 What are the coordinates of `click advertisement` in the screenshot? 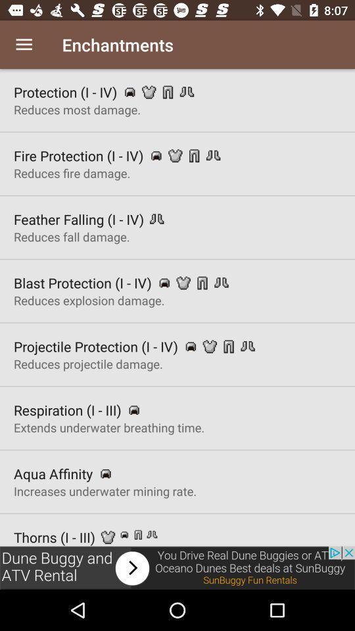 It's located at (177, 567).